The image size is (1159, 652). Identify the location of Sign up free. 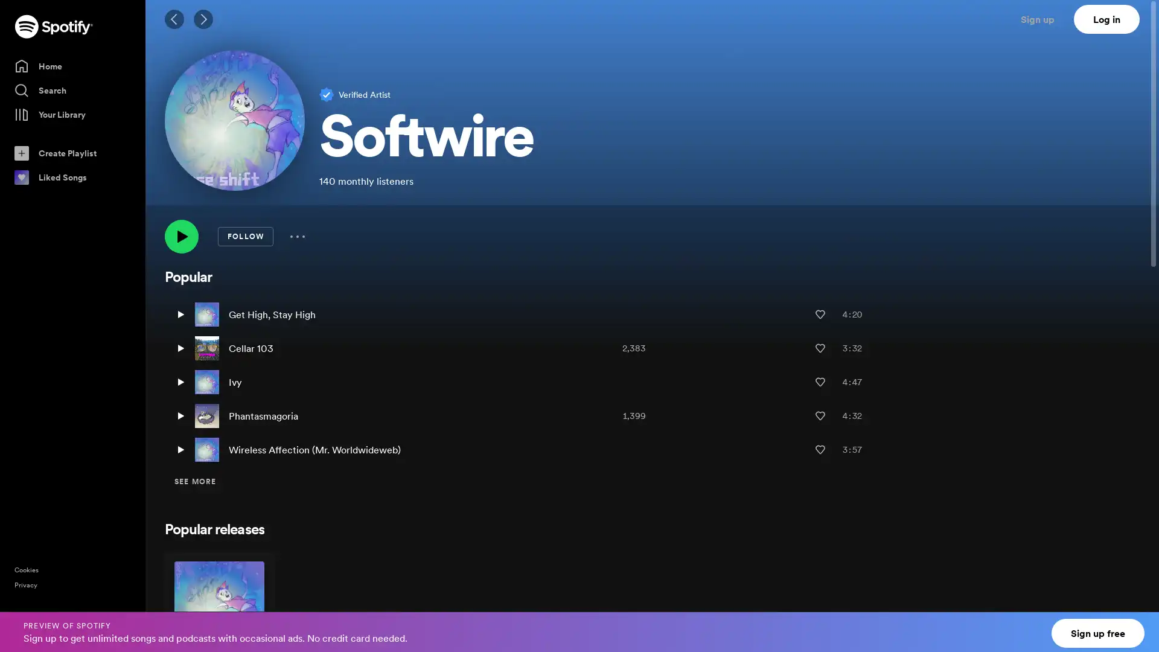
(1098, 633).